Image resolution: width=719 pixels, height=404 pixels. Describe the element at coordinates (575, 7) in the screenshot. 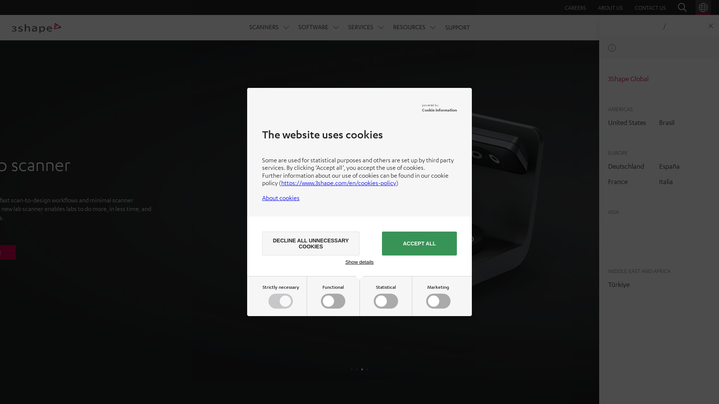

I see `'CAREERS'` at that location.